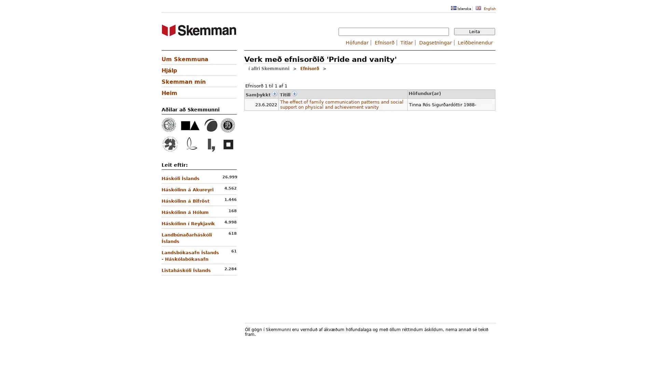 Image resolution: width=656 pixels, height=369 pixels. What do you see at coordinates (474, 31) in the screenshot?
I see `Leita` at bounding box center [474, 31].